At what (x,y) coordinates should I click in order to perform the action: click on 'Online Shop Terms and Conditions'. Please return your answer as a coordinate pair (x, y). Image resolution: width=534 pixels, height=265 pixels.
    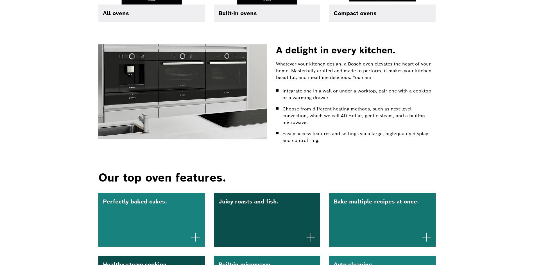
    Looking at the image, I should click on (298, 73).